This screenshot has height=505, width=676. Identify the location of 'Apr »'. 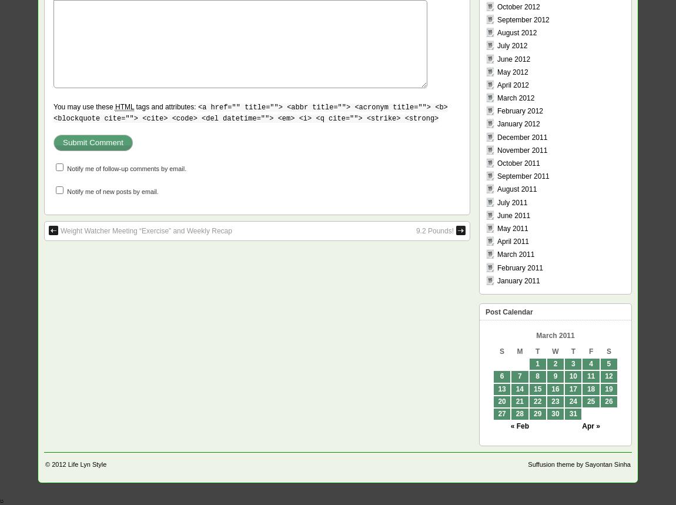
(590, 425).